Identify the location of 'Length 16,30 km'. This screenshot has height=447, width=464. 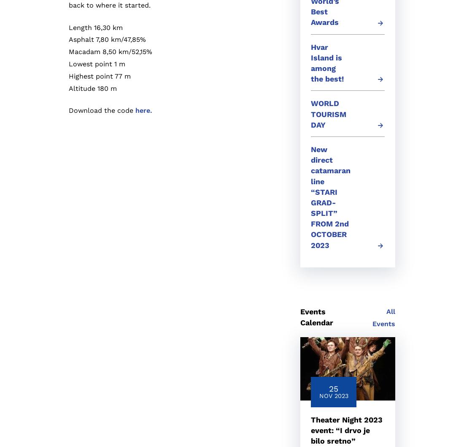
(68, 27).